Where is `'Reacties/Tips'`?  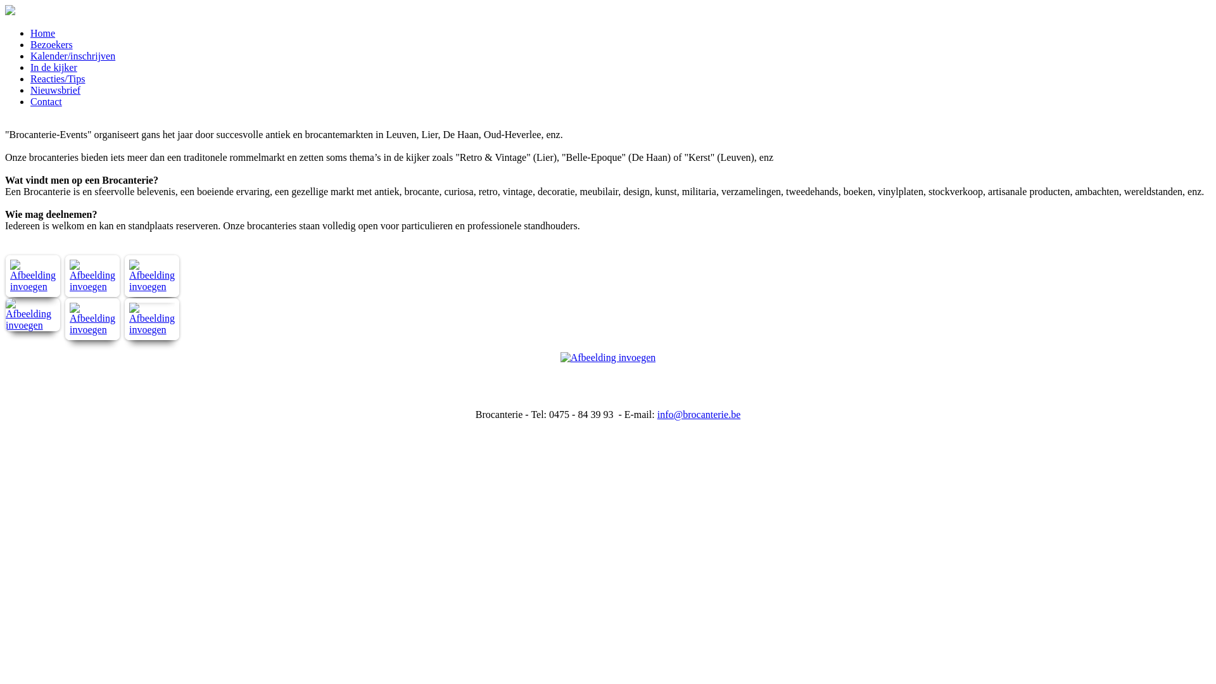
'Reacties/Tips' is located at coordinates (57, 79).